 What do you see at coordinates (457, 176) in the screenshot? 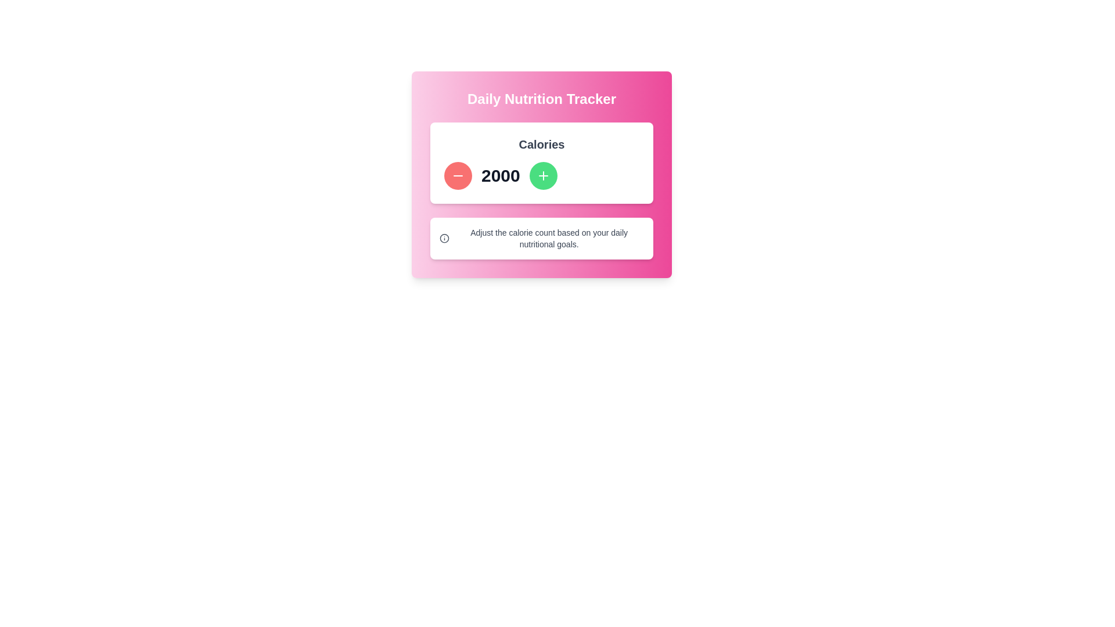
I see `the circular red button with a white minus icon to decrease the calorie count, located in the calorie adjustment section to the left of the displayed calorie count ('2000')` at bounding box center [457, 176].